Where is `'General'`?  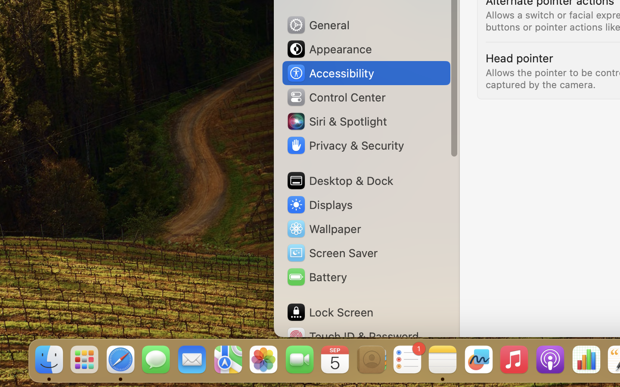
'General' is located at coordinates (317, 24).